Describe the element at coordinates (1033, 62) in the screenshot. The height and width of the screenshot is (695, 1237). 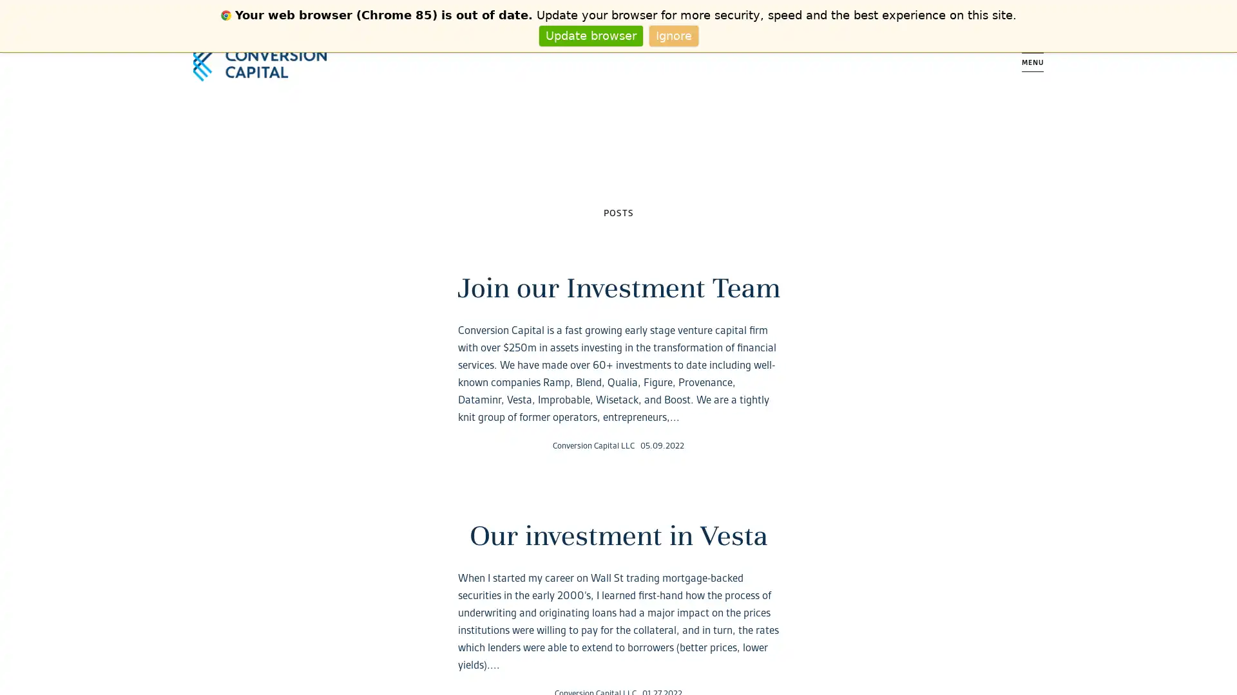
I see `MENU` at that location.